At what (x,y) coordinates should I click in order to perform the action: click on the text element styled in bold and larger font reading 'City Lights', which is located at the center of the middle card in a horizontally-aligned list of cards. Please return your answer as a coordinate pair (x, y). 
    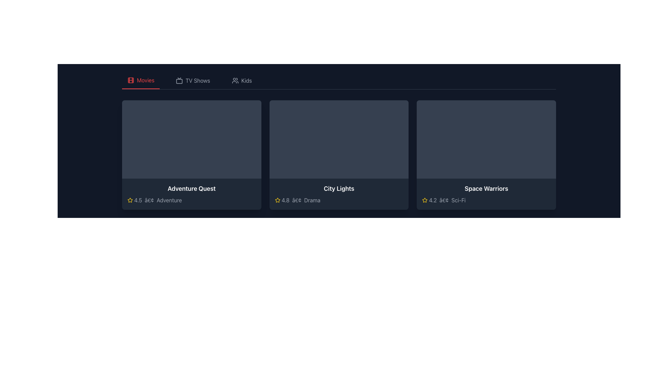
    Looking at the image, I should click on (339, 188).